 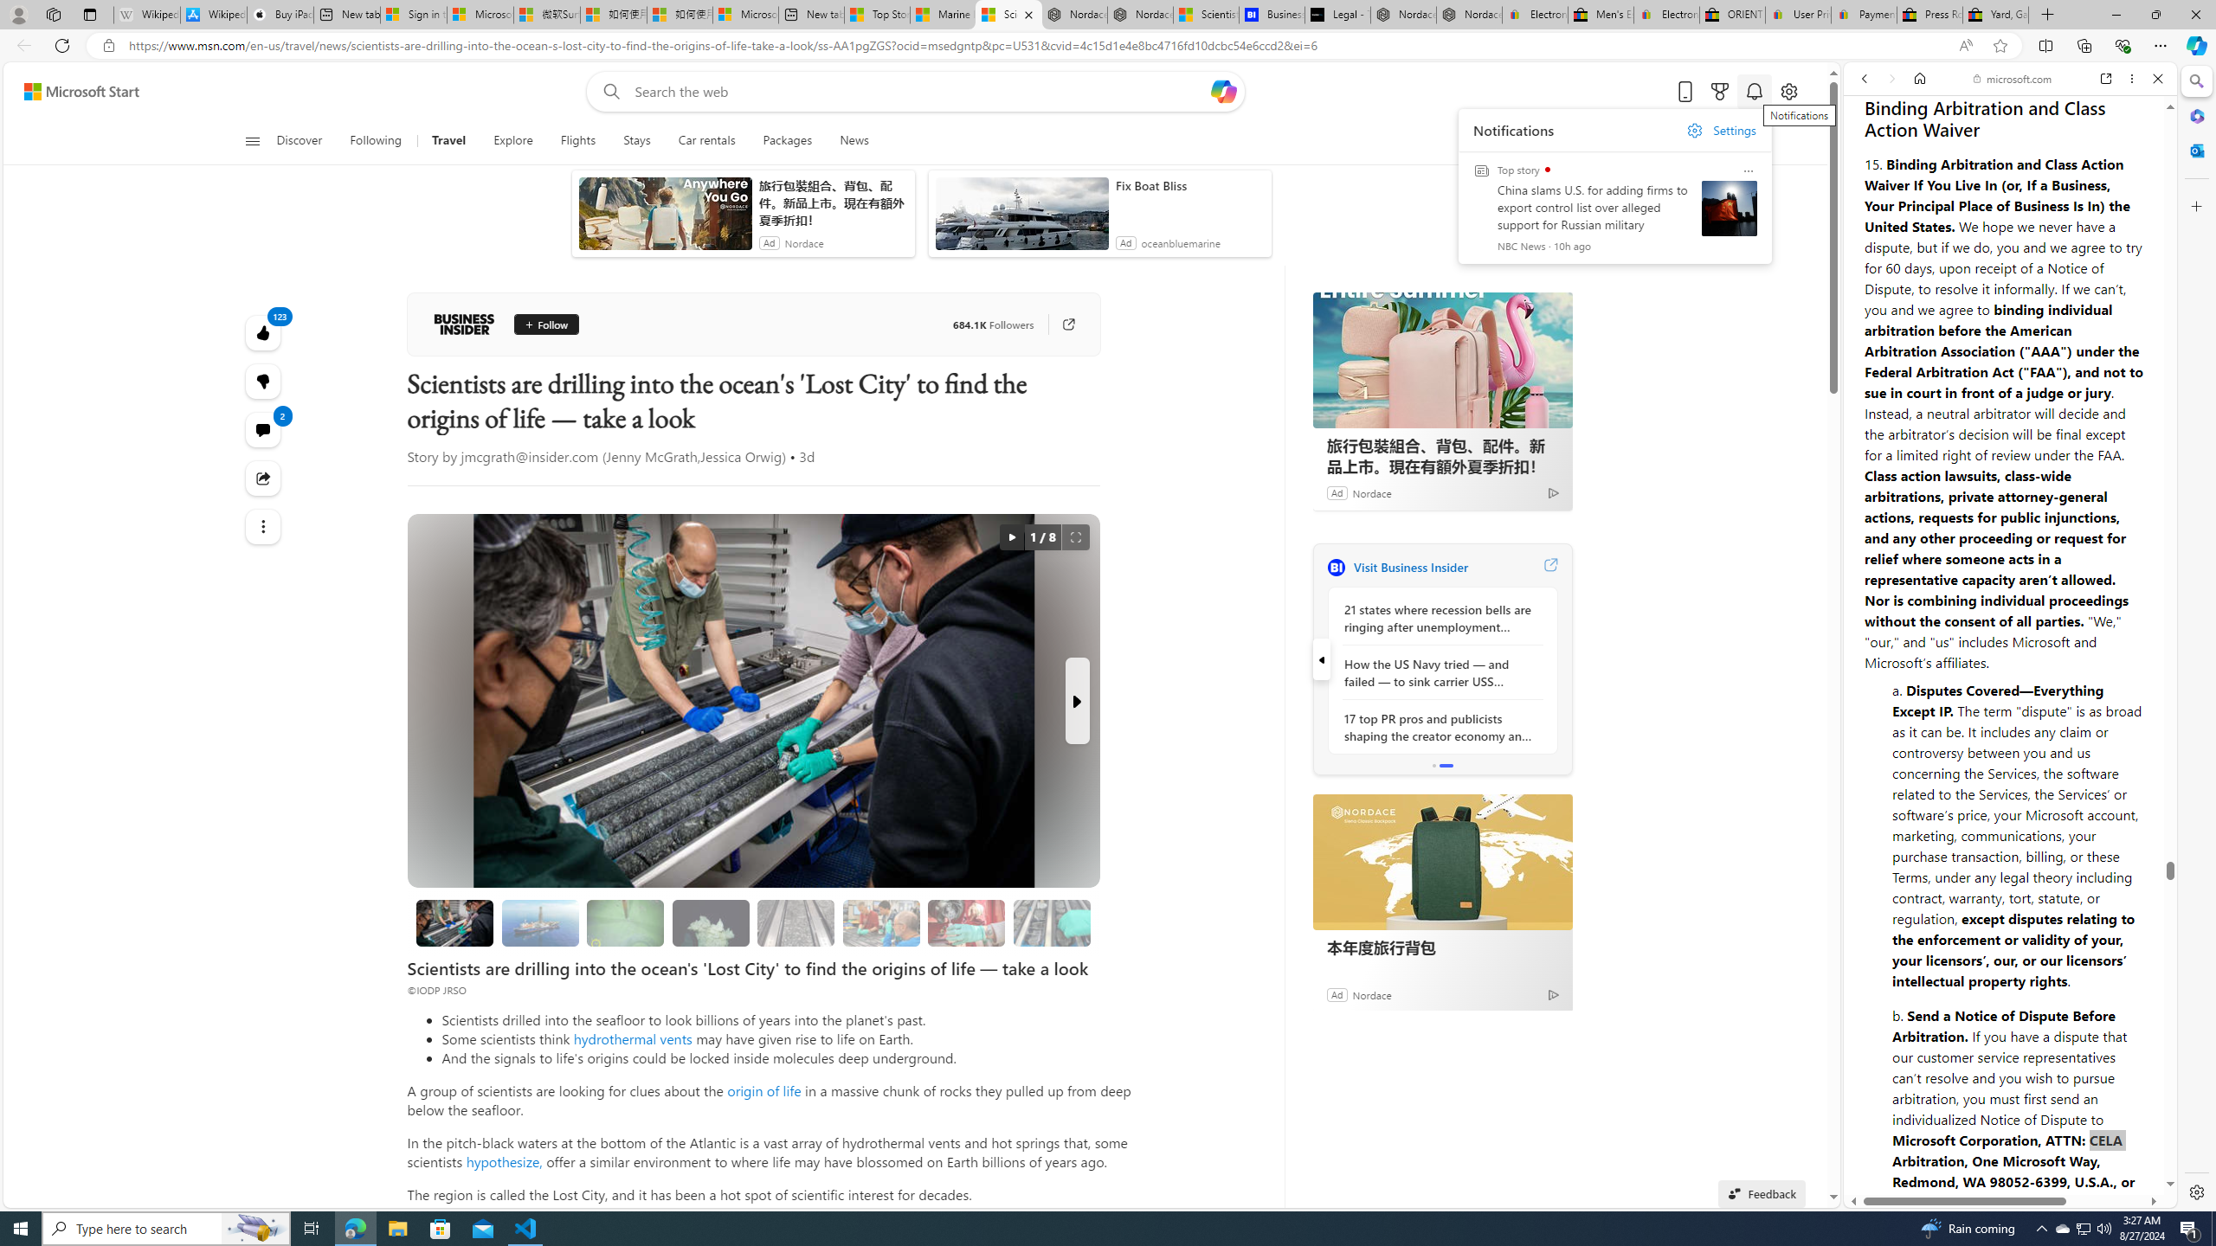 What do you see at coordinates (377, 140) in the screenshot?
I see `'Following'` at bounding box center [377, 140].